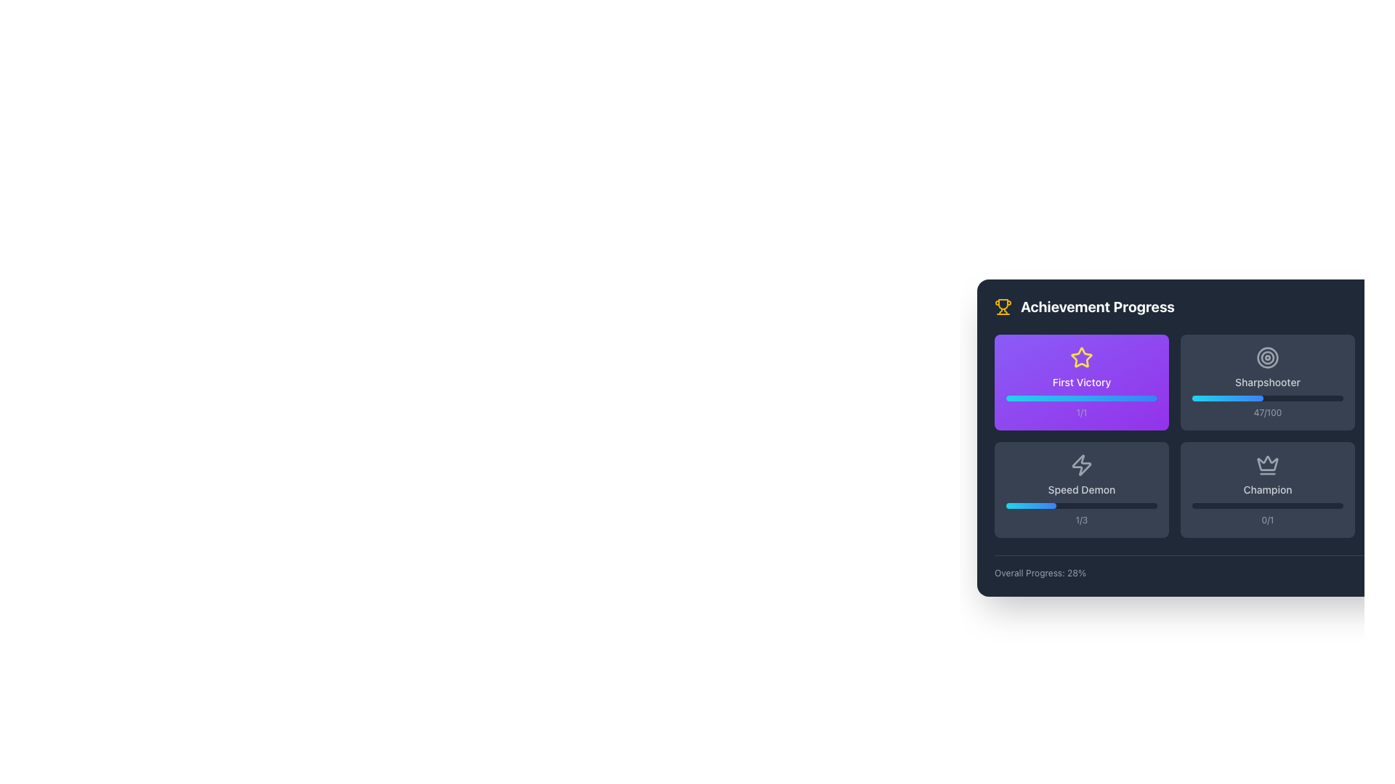 This screenshot has width=1395, height=784. Describe the element at coordinates (1226, 398) in the screenshot. I see `the progress bar styled with a gradient transitioning from cyan to blue, located in the 'Achievement Progress' panel under the 'Sharpshooter' achievement card` at that location.